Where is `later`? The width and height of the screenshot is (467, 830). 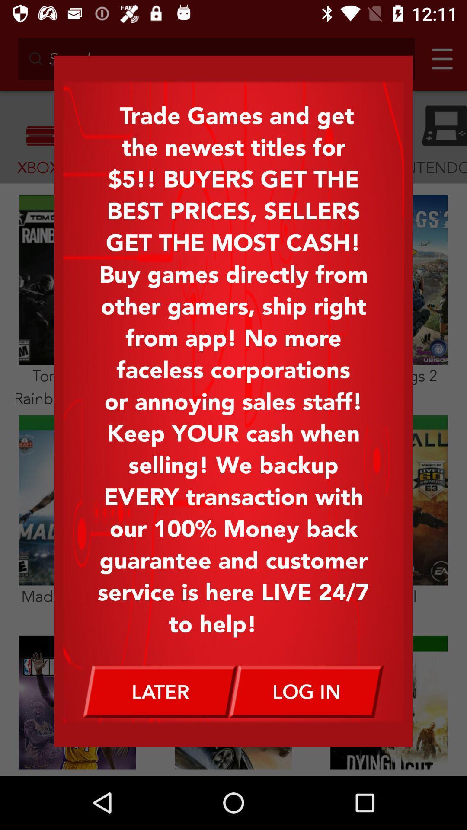
later is located at coordinates (160, 692).